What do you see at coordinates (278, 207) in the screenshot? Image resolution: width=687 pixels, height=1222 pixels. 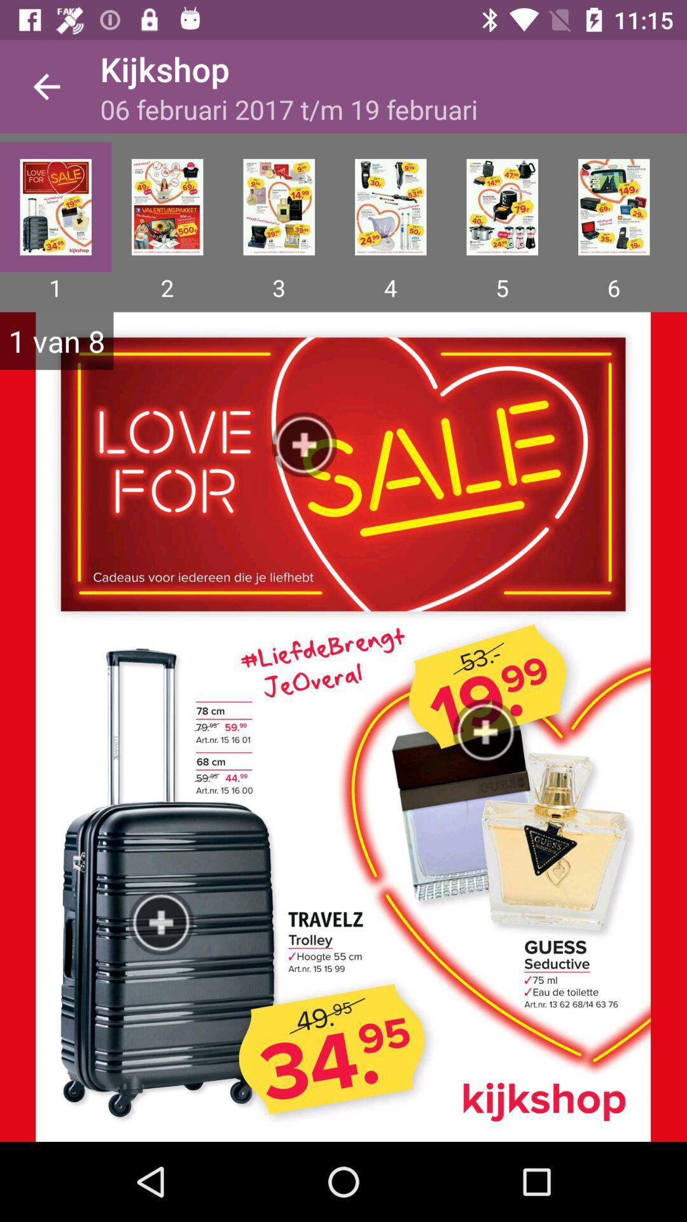 I see `the item below 06 februari 2017 icon` at bounding box center [278, 207].